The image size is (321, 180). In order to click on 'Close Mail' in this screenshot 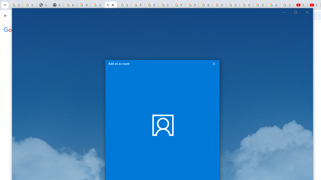, I will do `click(307, 12)`.